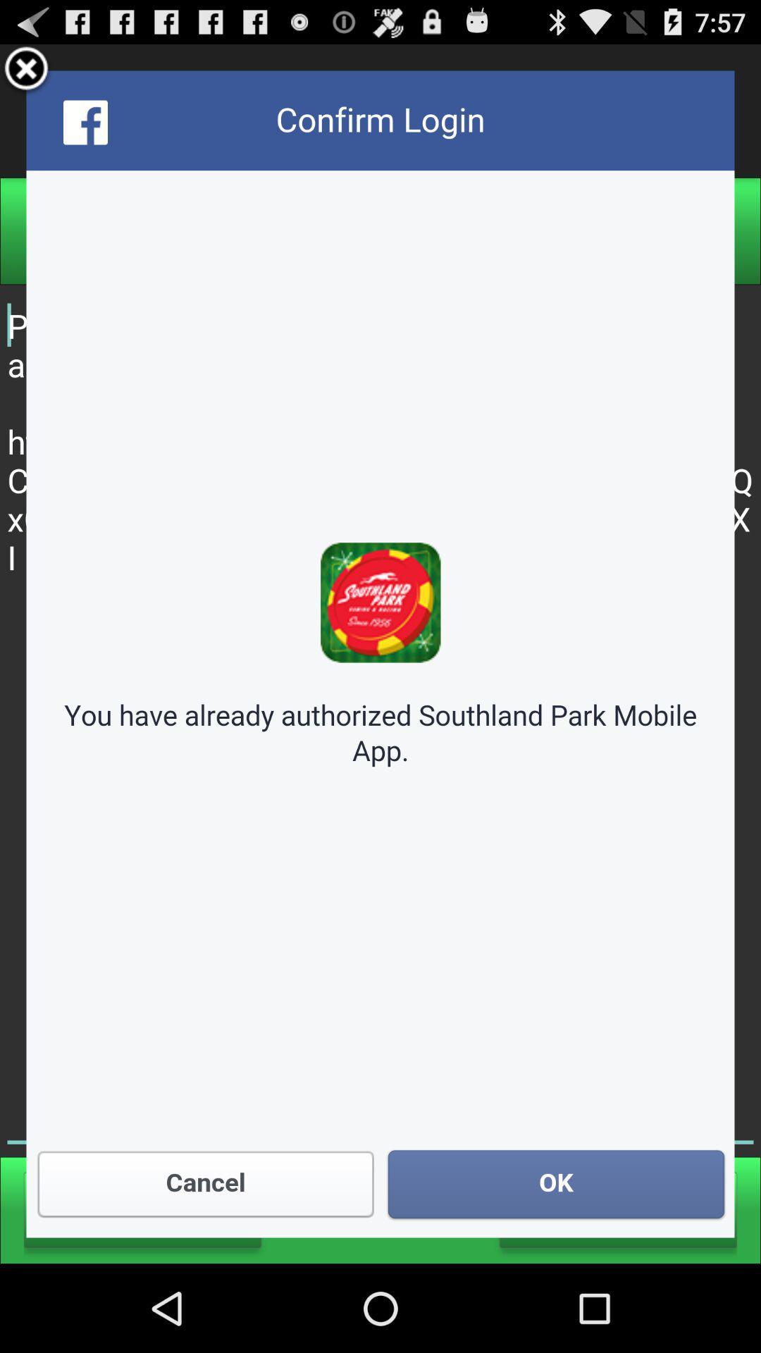 This screenshot has height=1353, width=761. I want to click on confirm app login with facebook, so click(380, 653).